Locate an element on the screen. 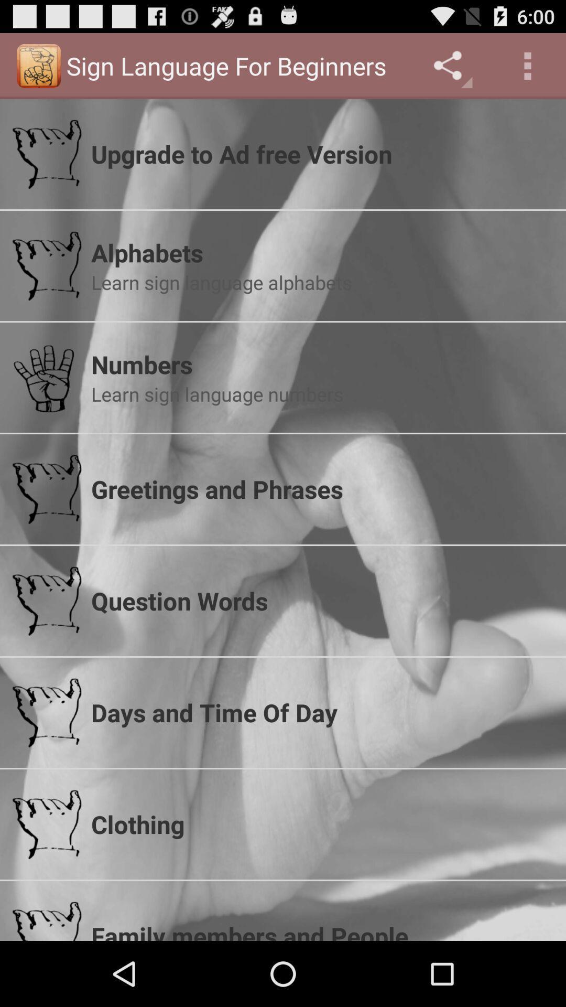 This screenshot has width=566, height=1007. clothing icon is located at coordinates (321, 823).